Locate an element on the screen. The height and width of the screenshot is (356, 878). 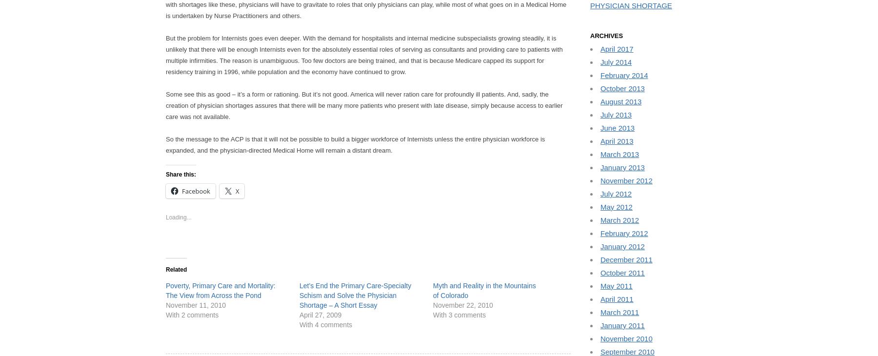
'Facebook' is located at coordinates (196, 190).